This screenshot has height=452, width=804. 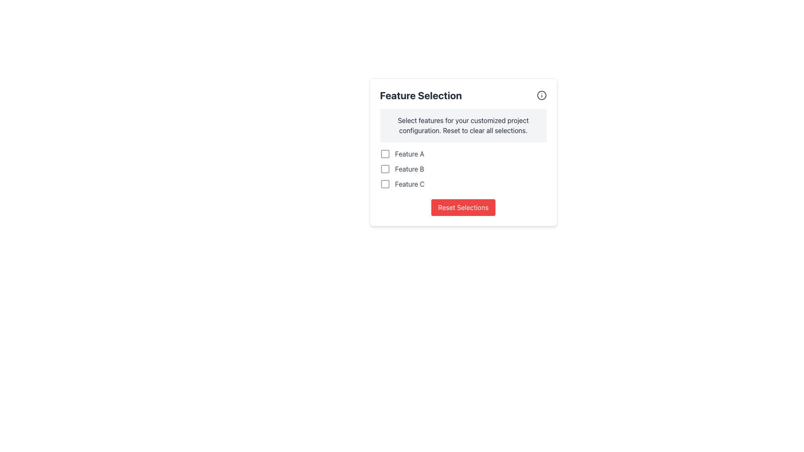 What do you see at coordinates (463, 207) in the screenshot?
I see `the reset button located at the bottom of the 'Feature Selection' card` at bounding box center [463, 207].